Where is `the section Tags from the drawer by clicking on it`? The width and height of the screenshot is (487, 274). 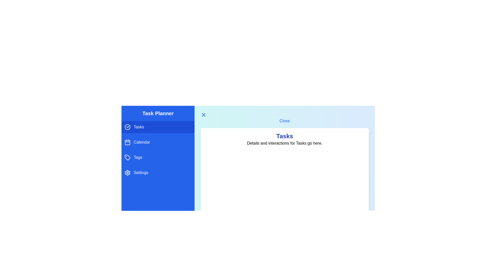
the section Tags from the drawer by clicking on it is located at coordinates (158, 157).